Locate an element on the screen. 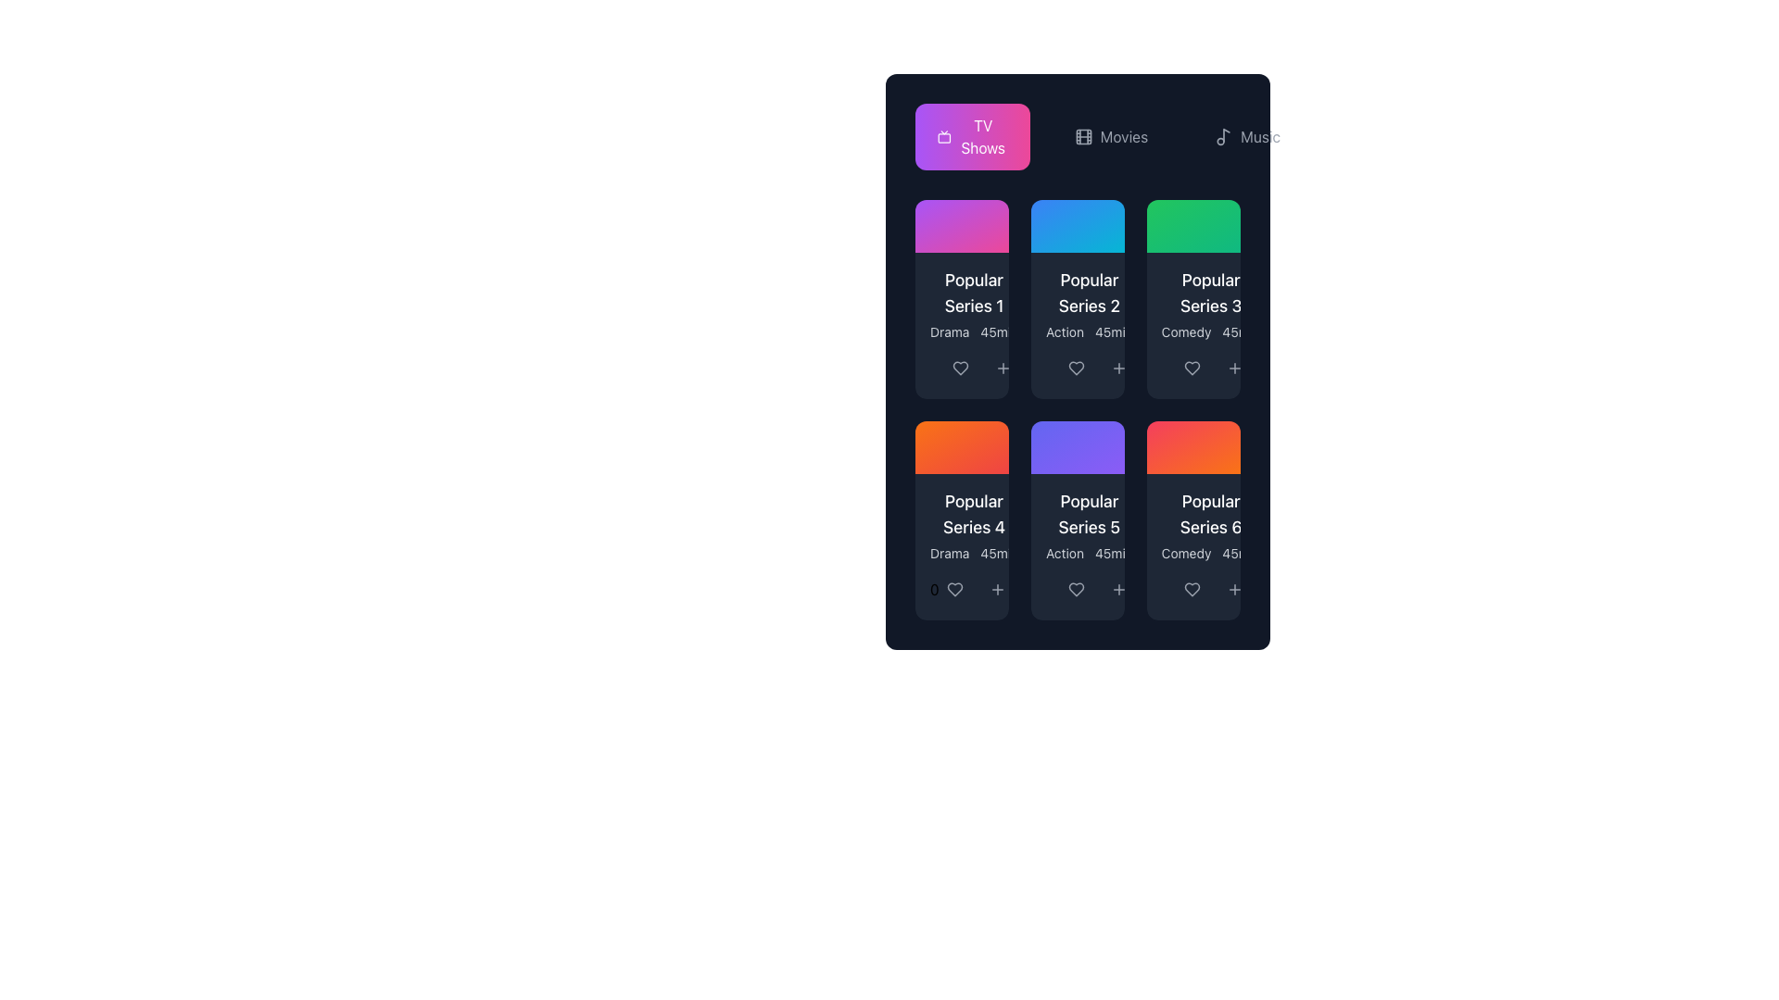 Image resolution: width=1779 pixels, height=1000 pixels. the heart-shaped button located beneath the 'Comedy 45min' description to favorite the series is located at coordinates (1193, 589).